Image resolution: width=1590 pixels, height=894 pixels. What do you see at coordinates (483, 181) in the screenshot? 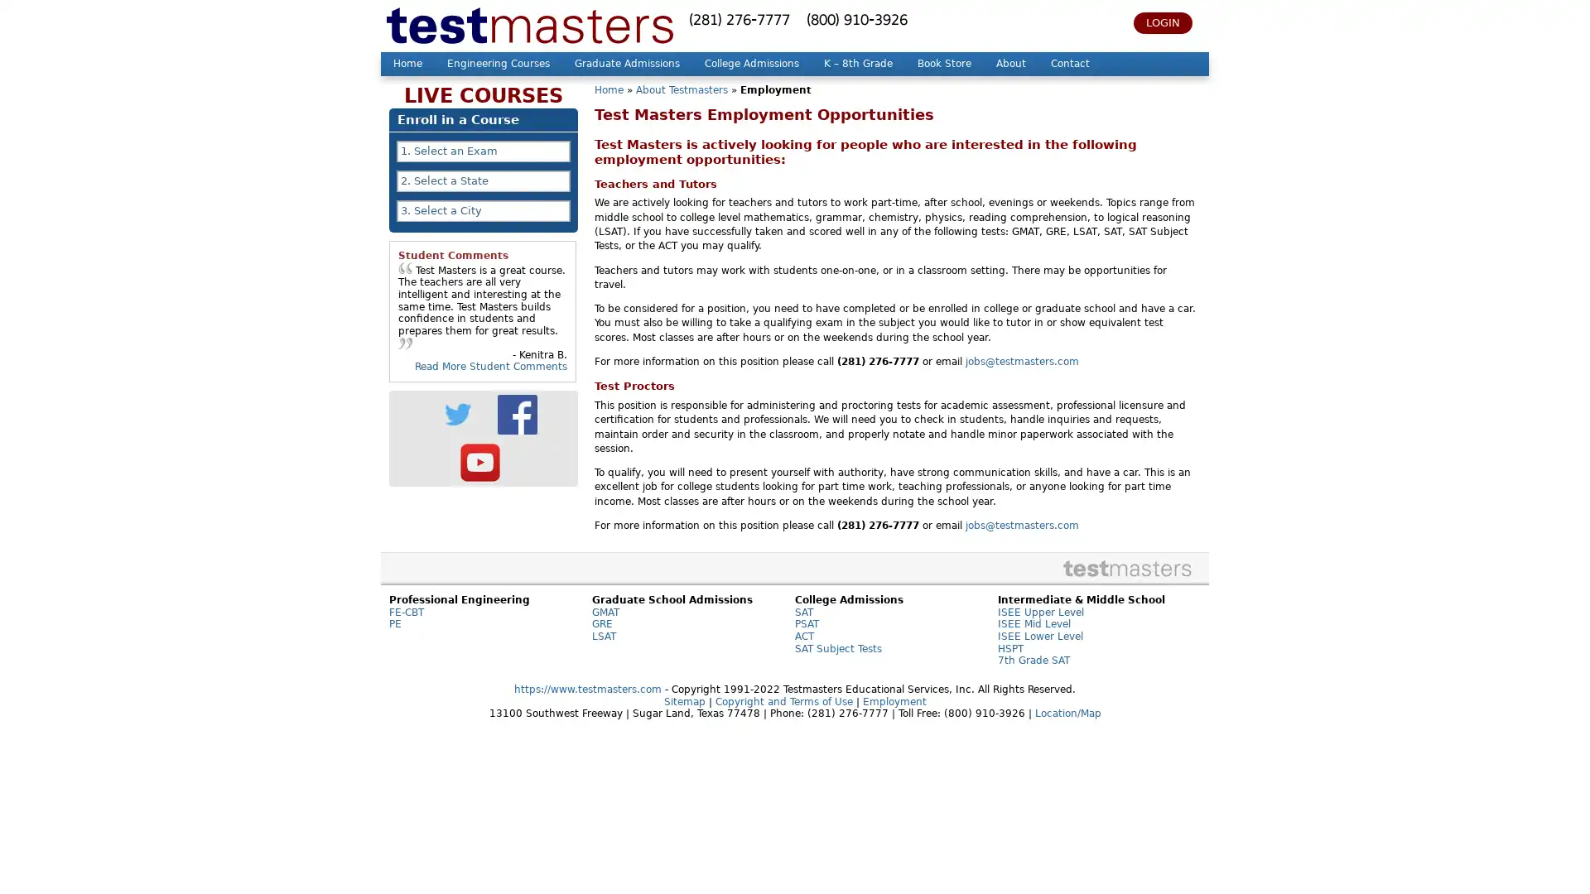
I see `2. Select a State` at bounding box center [483, 181].